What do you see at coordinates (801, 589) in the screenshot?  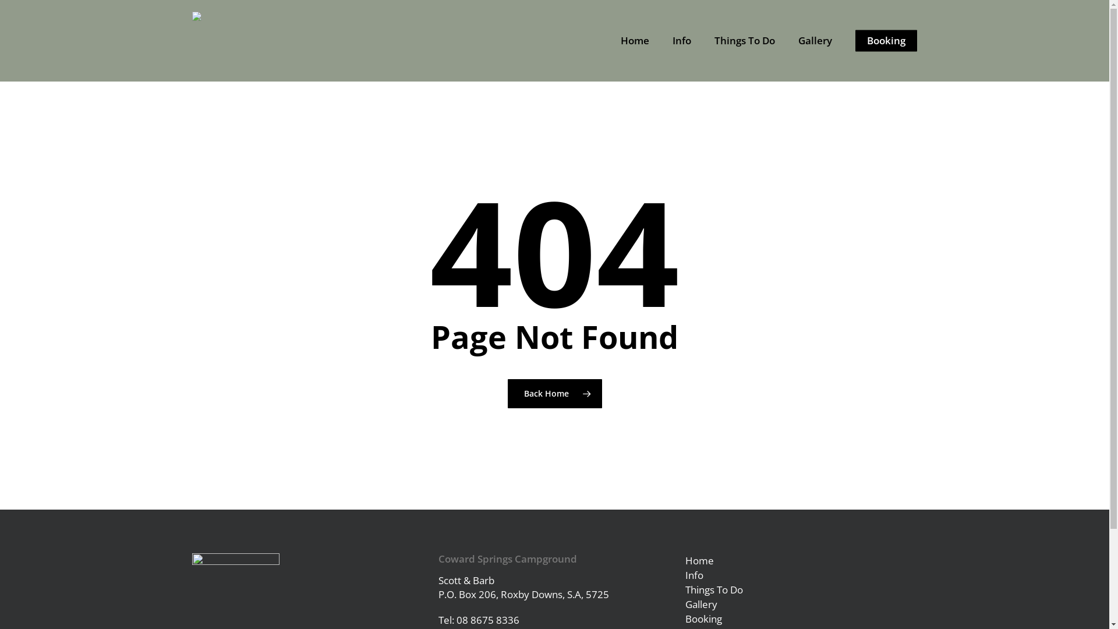 I see `'Things To Do'` at bounding box center [801, 589].